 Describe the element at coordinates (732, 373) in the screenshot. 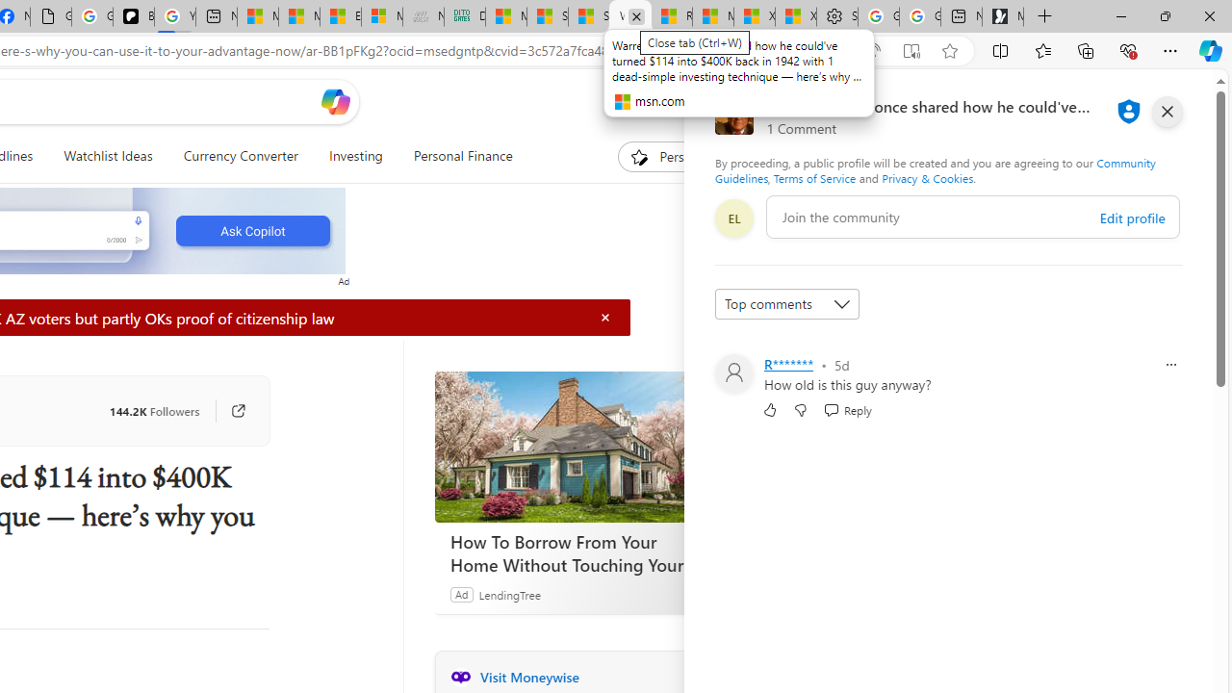

I see `'Profile Picture'` at that location.